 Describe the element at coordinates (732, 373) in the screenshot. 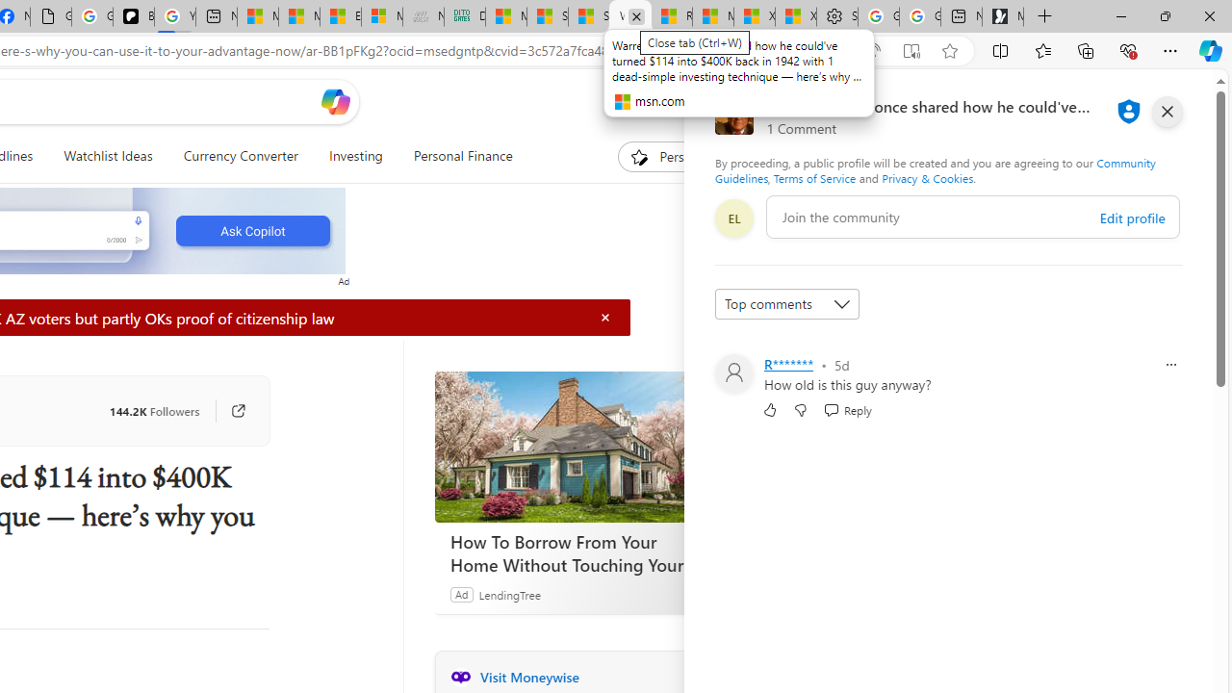

I see `'Profile Picture'` at that location.